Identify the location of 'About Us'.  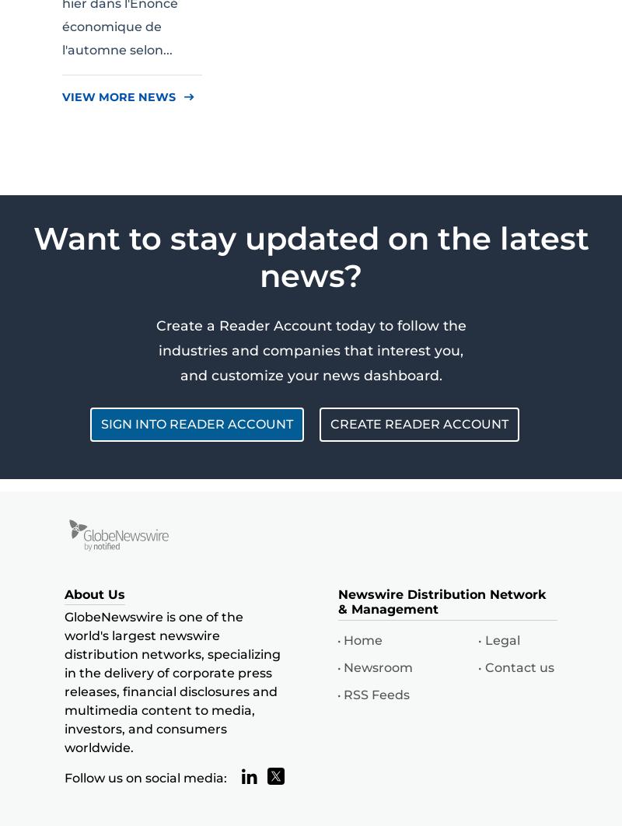
(94, 594).